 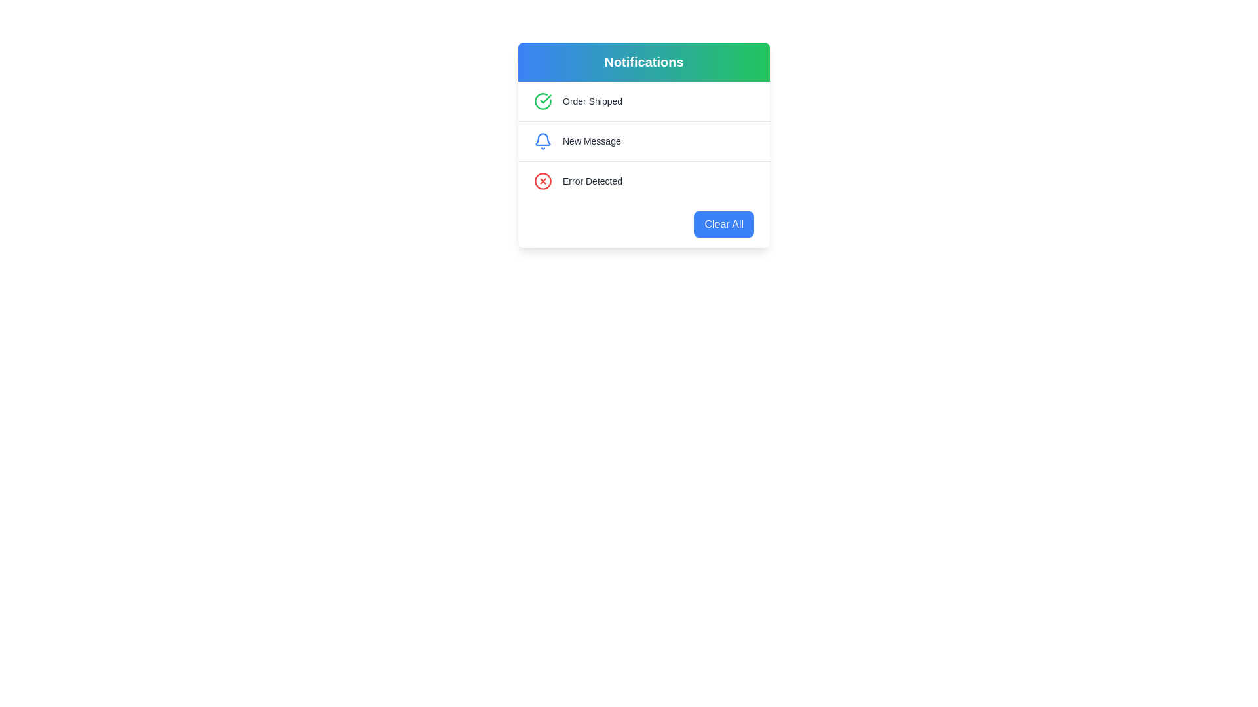 What do you see at coordinates (543, 181) in the screenshot?
I see `the circular icon with a red border and red 'X' symbol in the third row of the notification box, which indicates an 'Error Detected' notification` at bounding box center [543, 181].